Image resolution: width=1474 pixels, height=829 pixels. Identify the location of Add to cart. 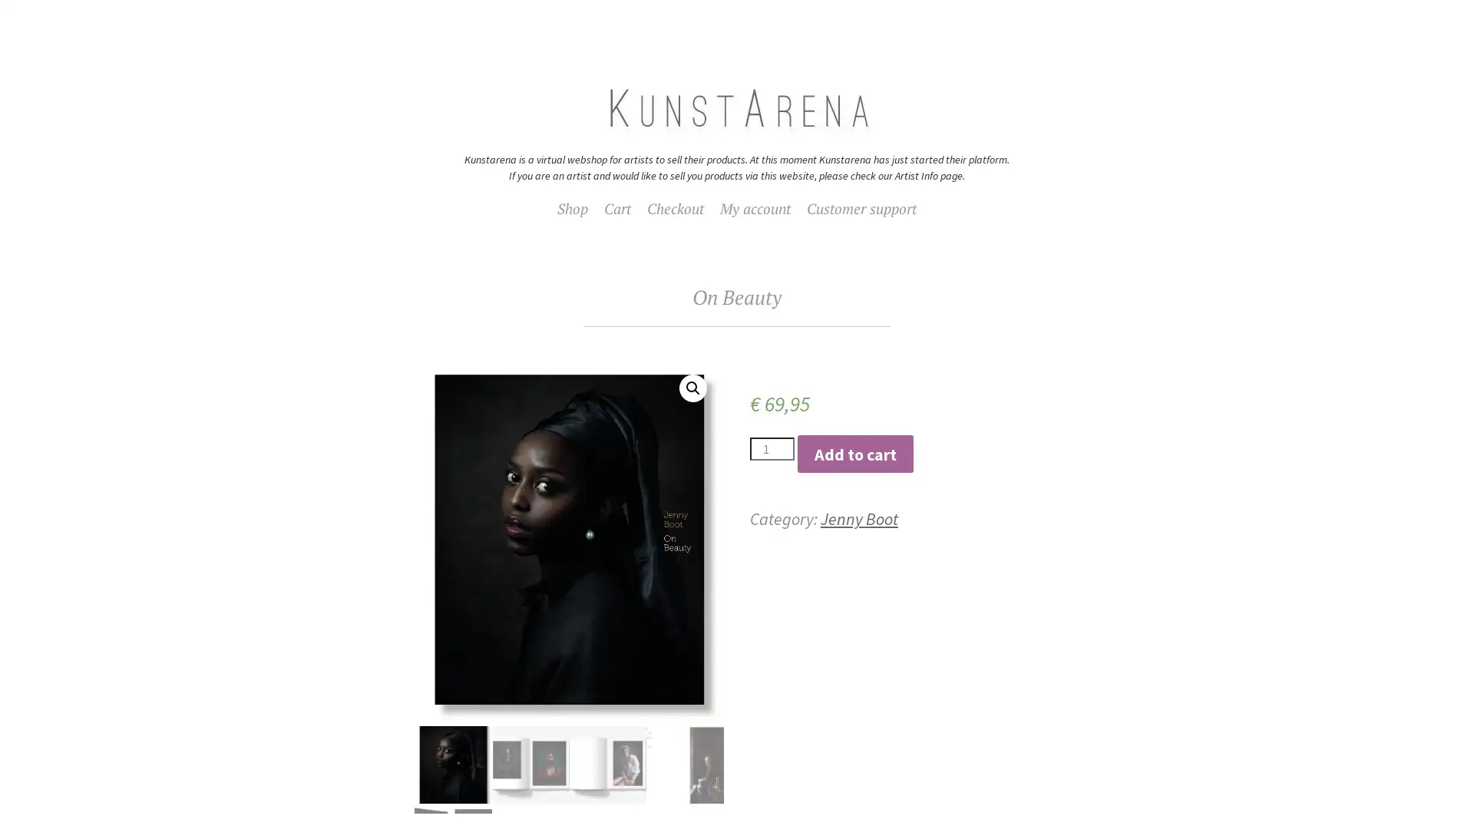
(854, 452).